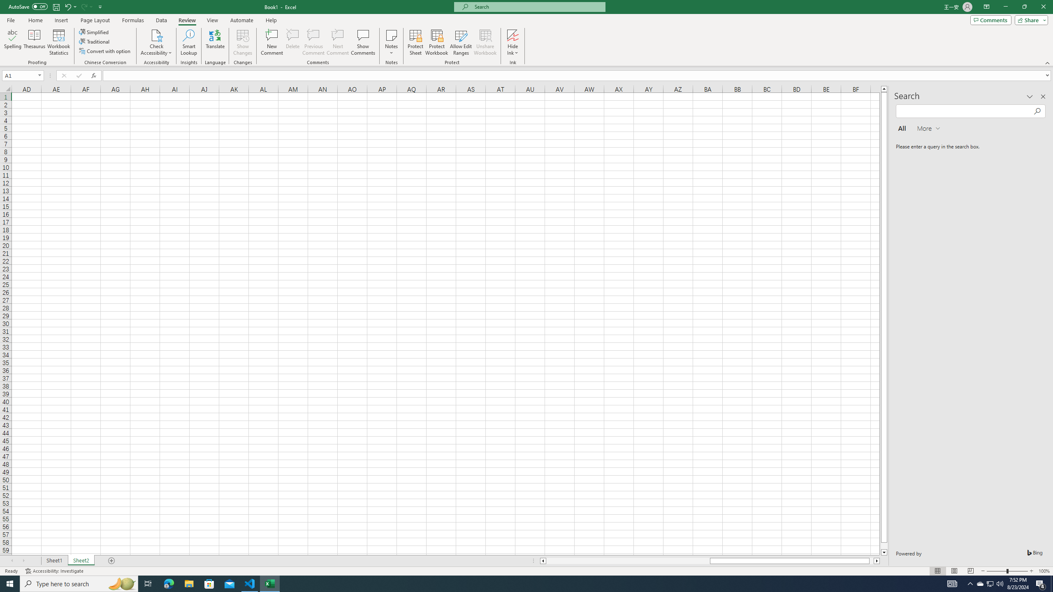  Describe the element at coordinates (12, 42) in the screenshot. I see `'Spelling...'` at that location.